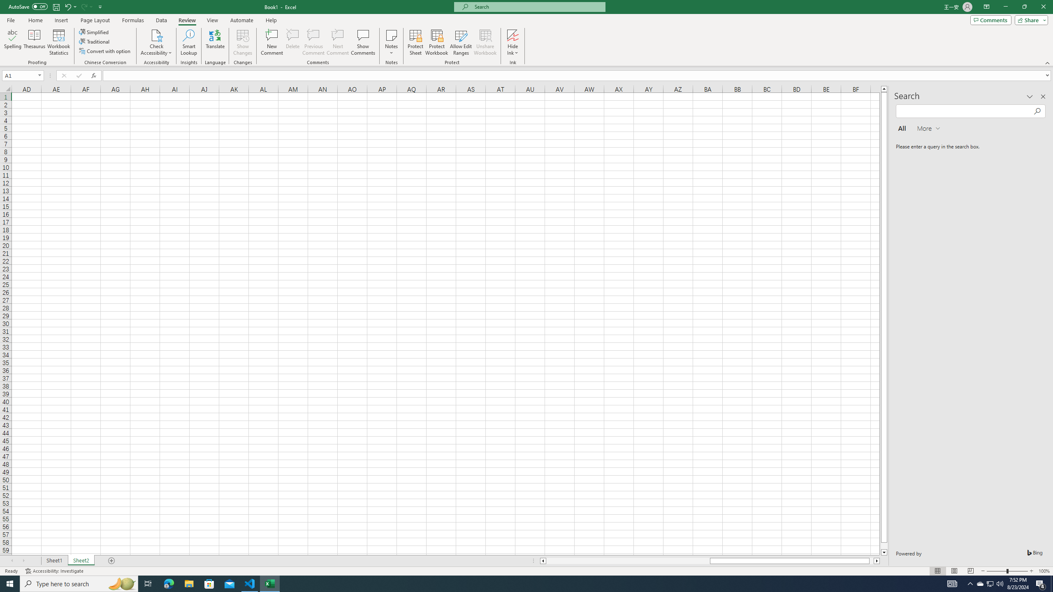  Describe the element at coordinates (12, 42) in the screenshot. I see `'Spelling...'` at that location.